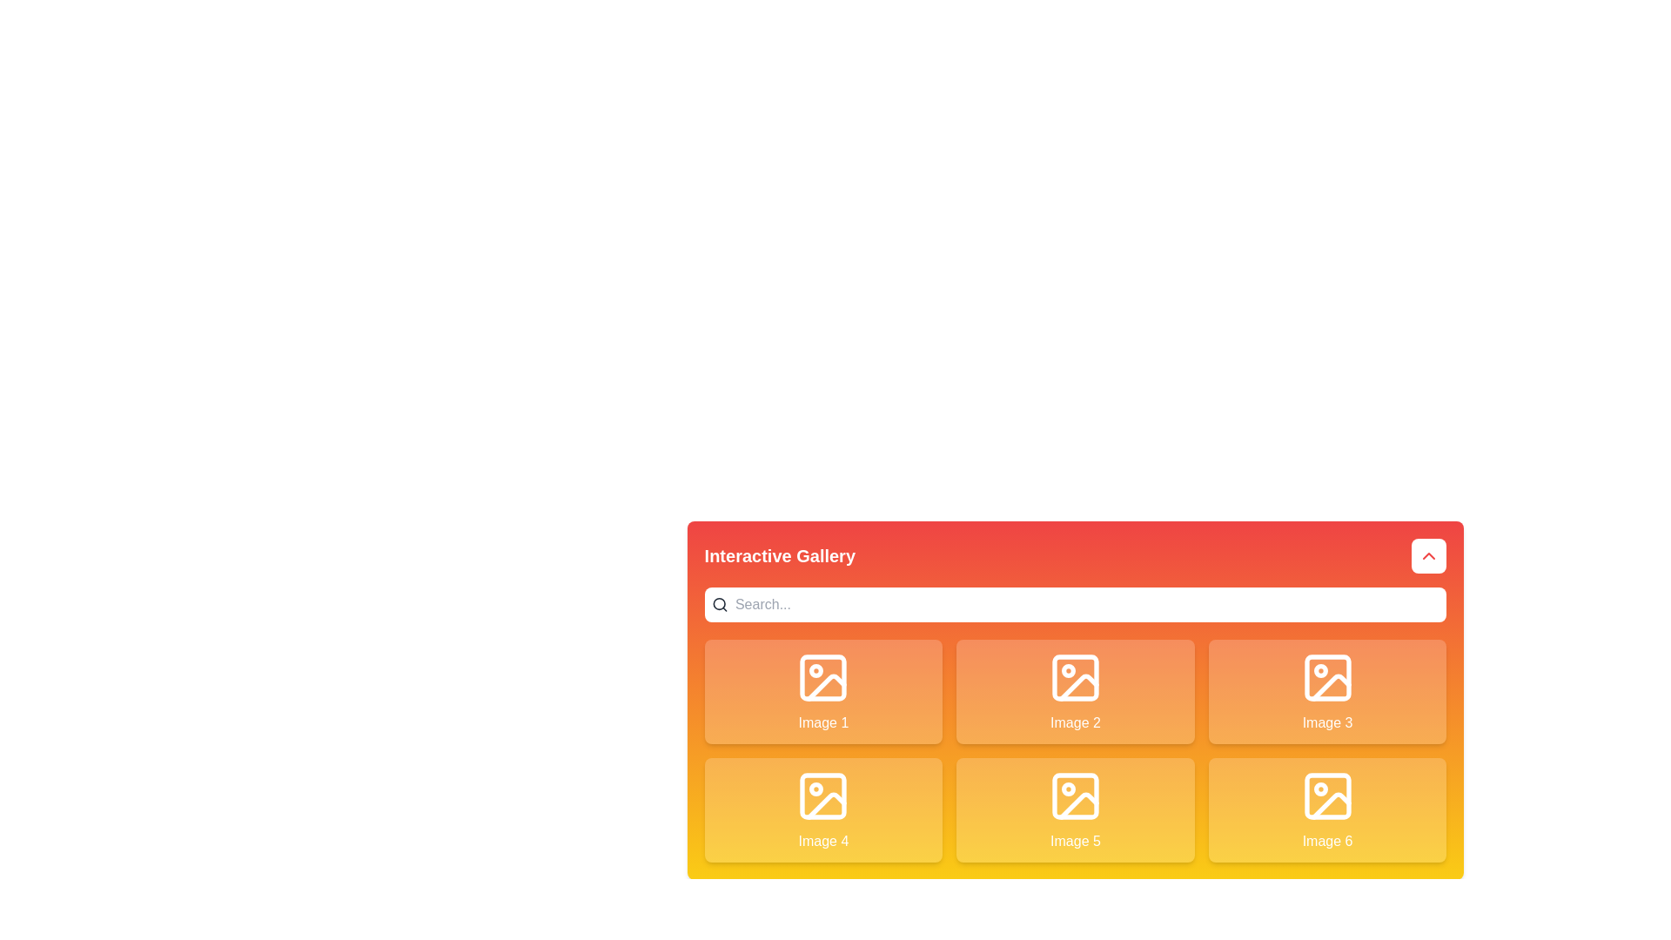 The width and height of the screenshot is (1671, 940). Describe the element at coordinates (822, 690) in the screenshot. I see `the first card component in the grid layout, which features a gradient background from orange to yellow and contains an image icon with the label 'Image 1' beneath it` at that location.